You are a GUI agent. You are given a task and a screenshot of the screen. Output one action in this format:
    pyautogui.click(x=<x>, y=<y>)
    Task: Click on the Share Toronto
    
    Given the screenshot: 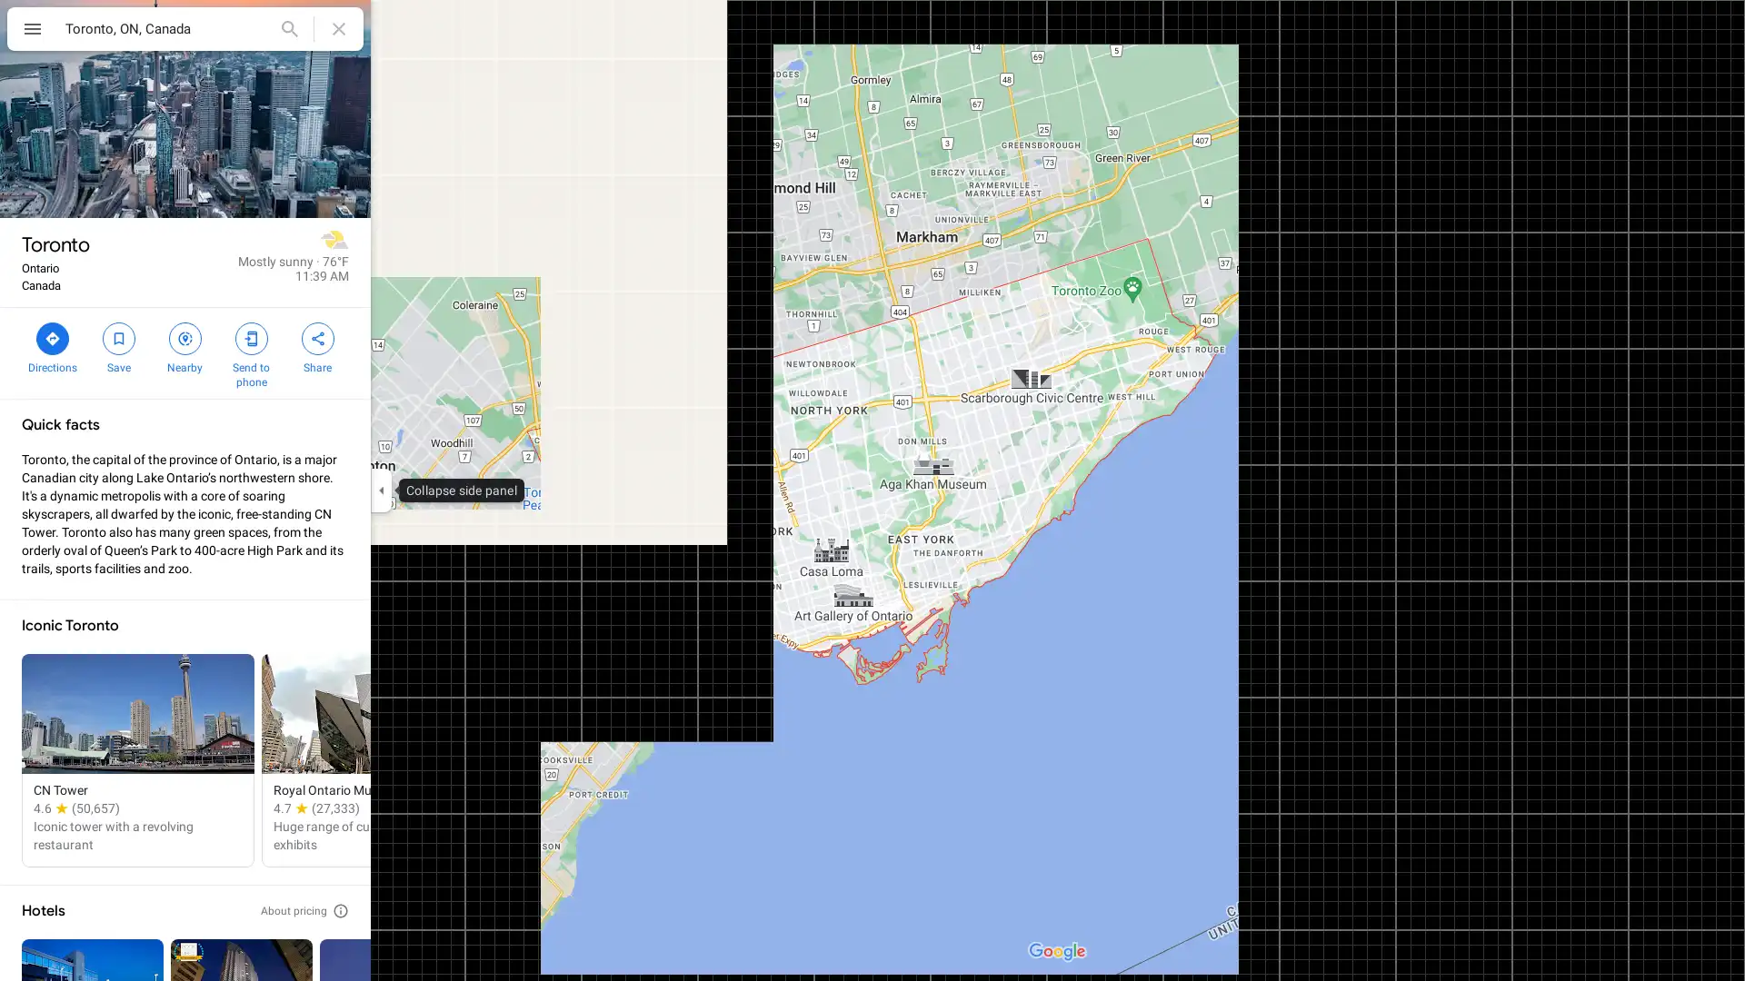 What is the action you would take?
    pyautogui.click(x=317, y=346)
    